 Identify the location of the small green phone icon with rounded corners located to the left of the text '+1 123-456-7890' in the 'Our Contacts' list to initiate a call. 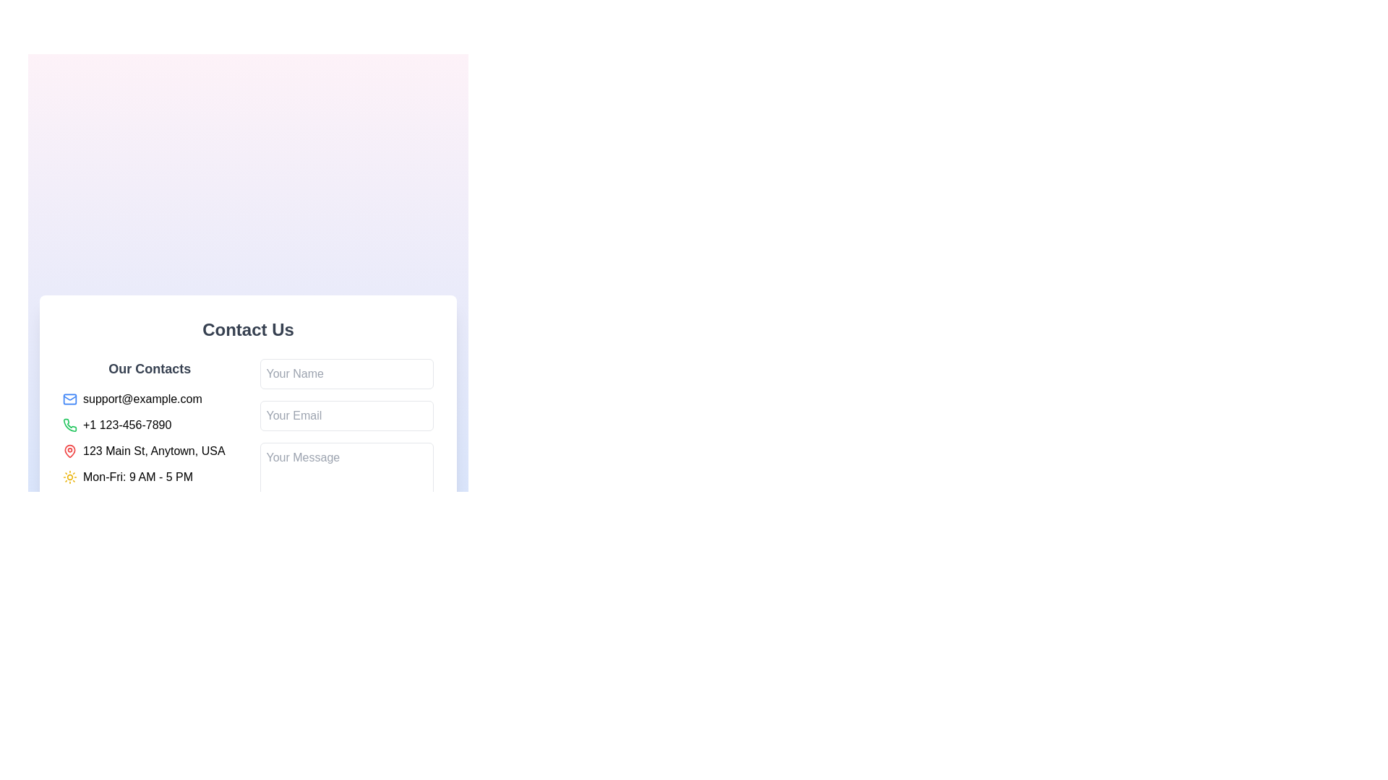
(69, 423).